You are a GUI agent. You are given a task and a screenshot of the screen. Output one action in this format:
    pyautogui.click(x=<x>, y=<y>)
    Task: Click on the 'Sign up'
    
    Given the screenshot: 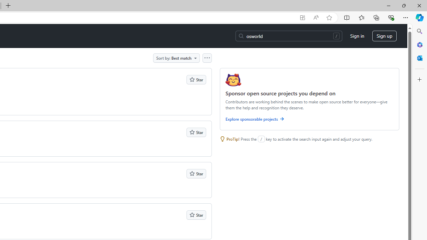 What is the action you would take?
    pyautogui.click(x=384, y=36)
    